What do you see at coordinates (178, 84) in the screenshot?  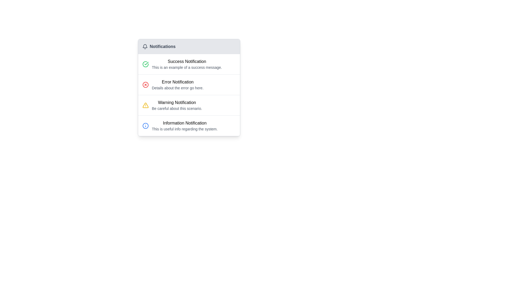 I see `text content of the second notification in the list, which is an error notification framed between 'Success Notification' and 'Warning Notification'` at bounding box center [178, 84].